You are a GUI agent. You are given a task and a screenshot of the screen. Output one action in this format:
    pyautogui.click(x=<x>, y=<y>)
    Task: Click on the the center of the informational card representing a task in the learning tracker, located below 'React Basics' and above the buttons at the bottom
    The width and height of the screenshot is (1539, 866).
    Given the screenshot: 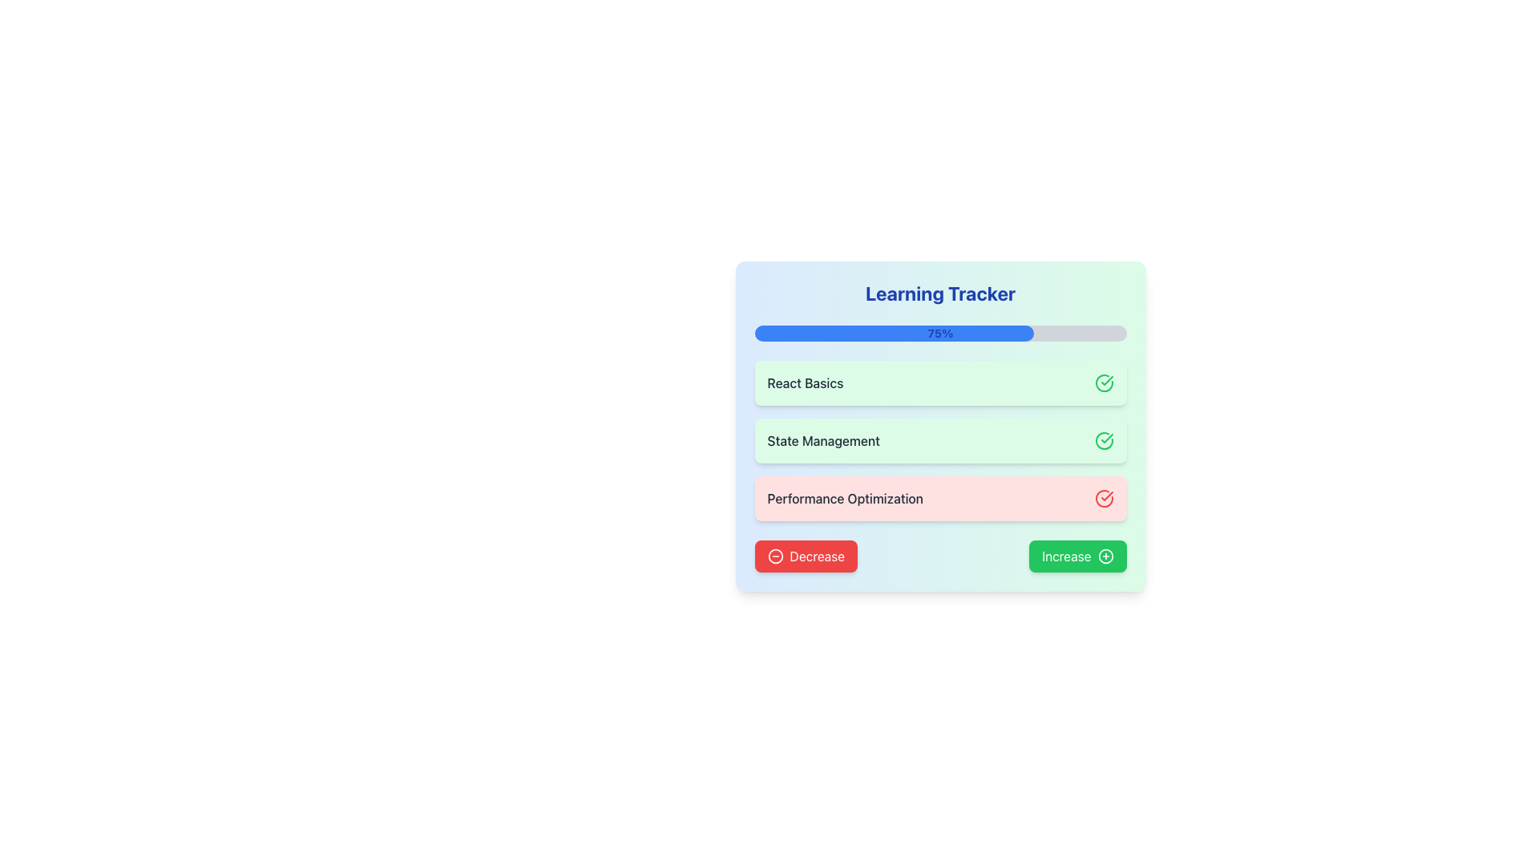 What is the action you would take?
    pyautogui.click(x=940, y=497)
    